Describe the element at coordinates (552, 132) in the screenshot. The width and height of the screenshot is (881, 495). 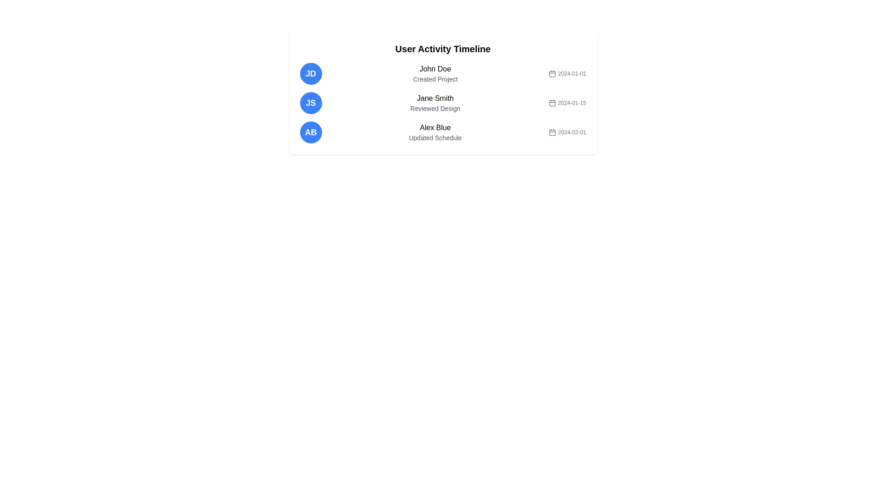
I see `the calendar icon located to the left of the '2024-02-01' date in the third entry of the timeline list associated with 'Alex Blue'` at that location.